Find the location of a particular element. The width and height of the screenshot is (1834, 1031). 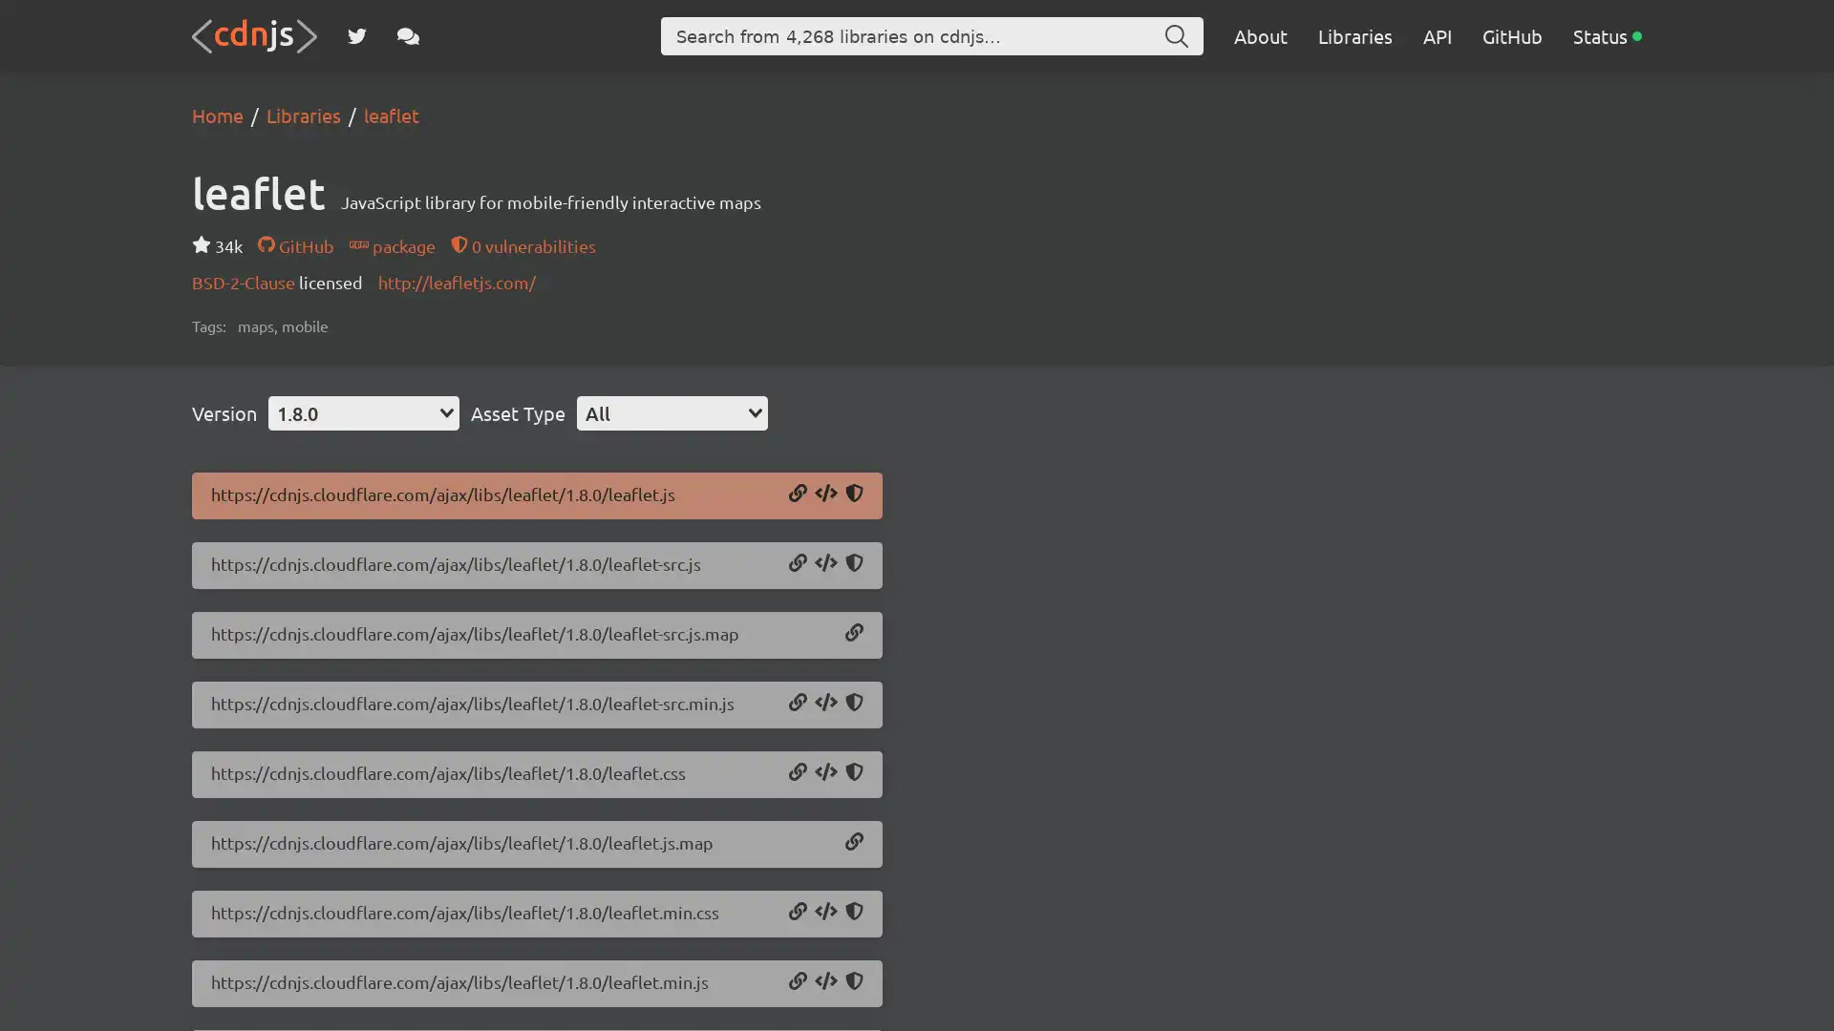

Search is located at coordinates (1176, 36).